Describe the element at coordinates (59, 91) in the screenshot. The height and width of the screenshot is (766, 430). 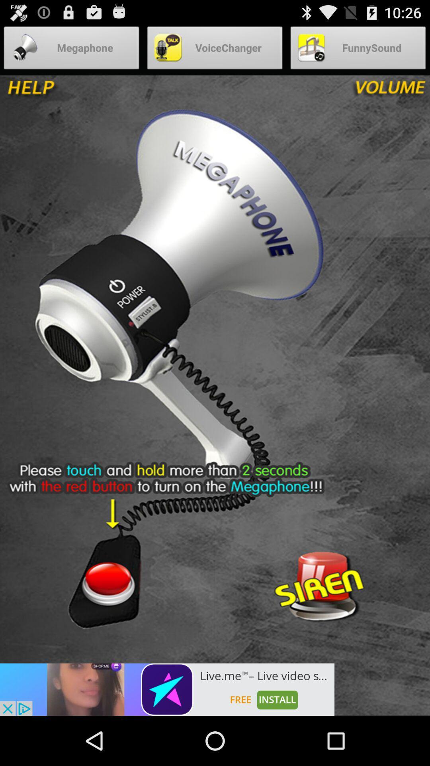
I see `help` at that location.